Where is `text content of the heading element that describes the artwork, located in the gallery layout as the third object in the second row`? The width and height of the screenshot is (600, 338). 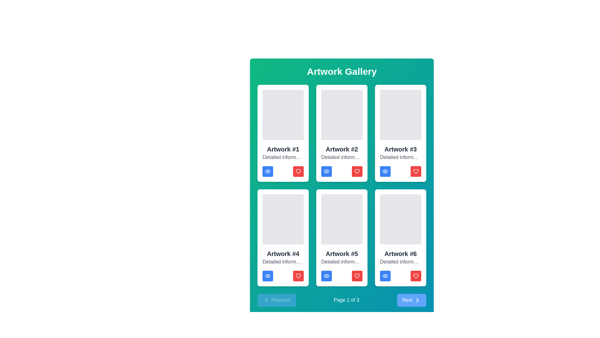
text content of the heading element that describes the artwork, located in the gallery layout as the third object in the second row is located at coordinates (342, 253).